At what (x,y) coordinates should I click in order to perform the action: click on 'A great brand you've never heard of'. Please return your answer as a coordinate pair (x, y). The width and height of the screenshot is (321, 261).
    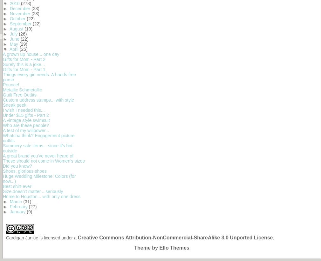
    Looking at the image, I should click on (38, 156).